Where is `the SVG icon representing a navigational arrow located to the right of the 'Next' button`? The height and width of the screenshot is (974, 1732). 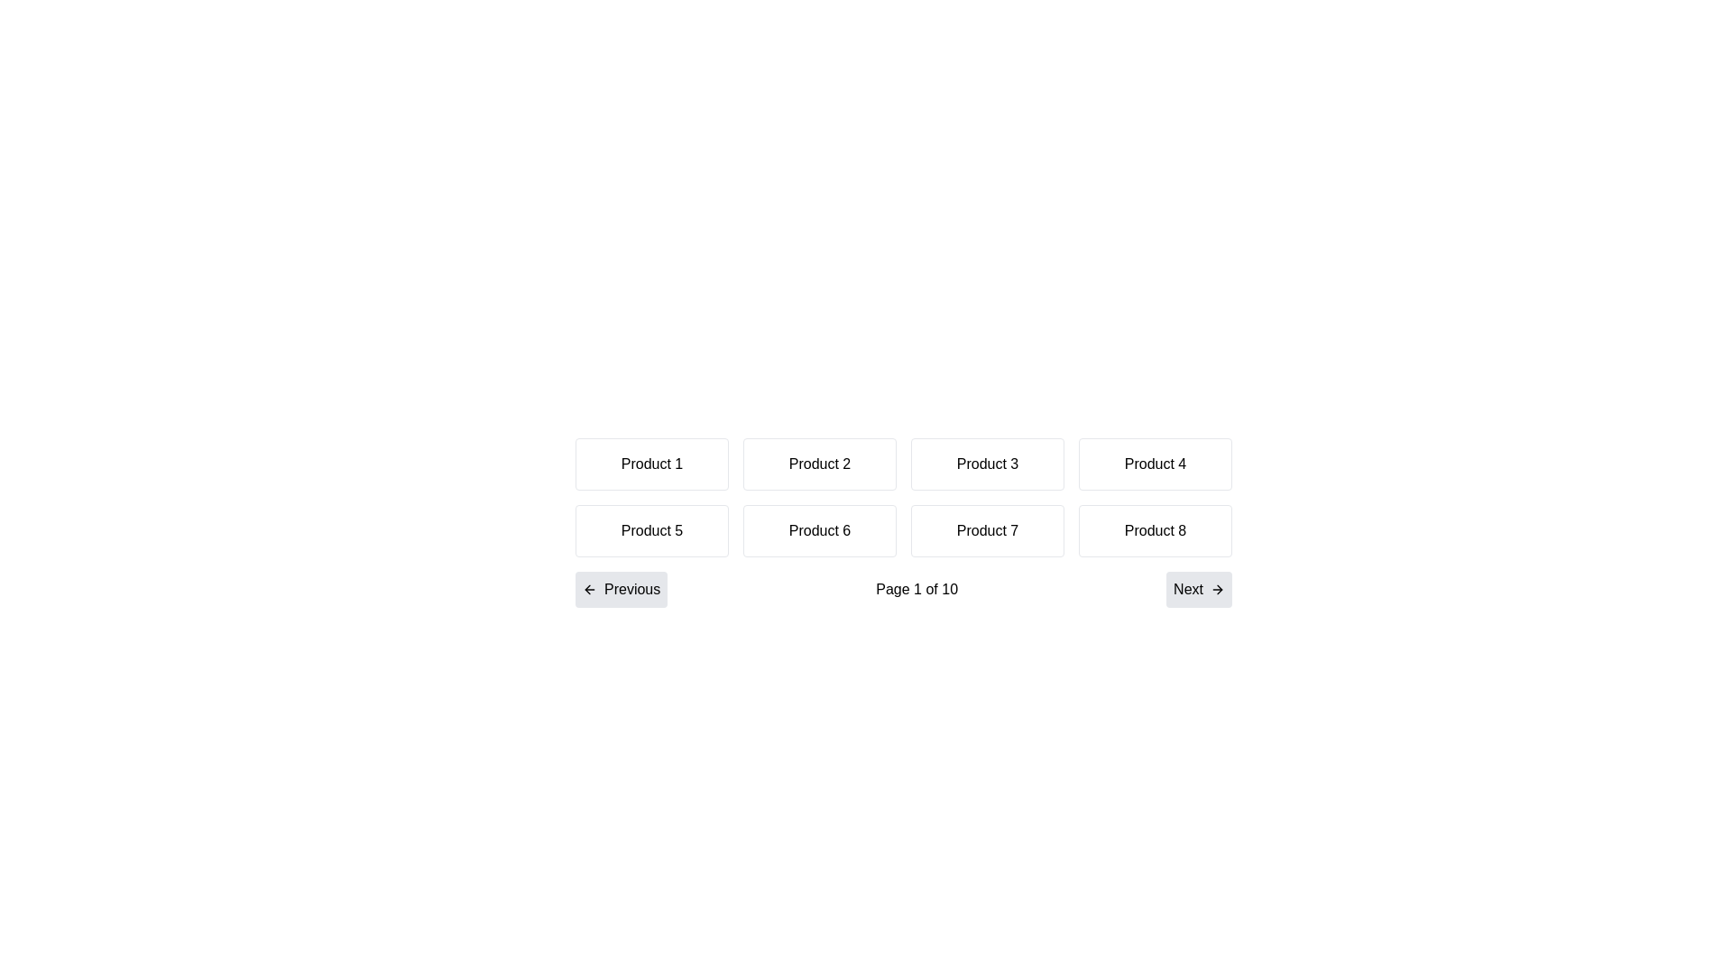
the SVG icon representing a navigational arrow located to the right of the 'Next' button is located at coordinates (1217, 590).